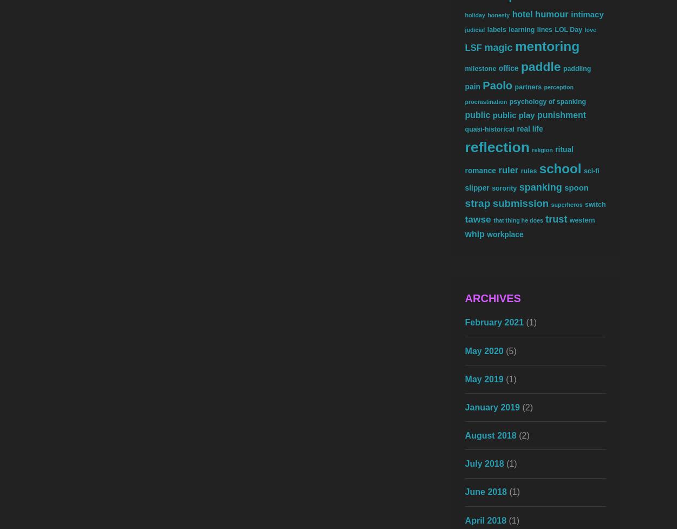 The height and width of the screenshot is (529, 677). I want to click on 'sci-fi', so click(590, 170).